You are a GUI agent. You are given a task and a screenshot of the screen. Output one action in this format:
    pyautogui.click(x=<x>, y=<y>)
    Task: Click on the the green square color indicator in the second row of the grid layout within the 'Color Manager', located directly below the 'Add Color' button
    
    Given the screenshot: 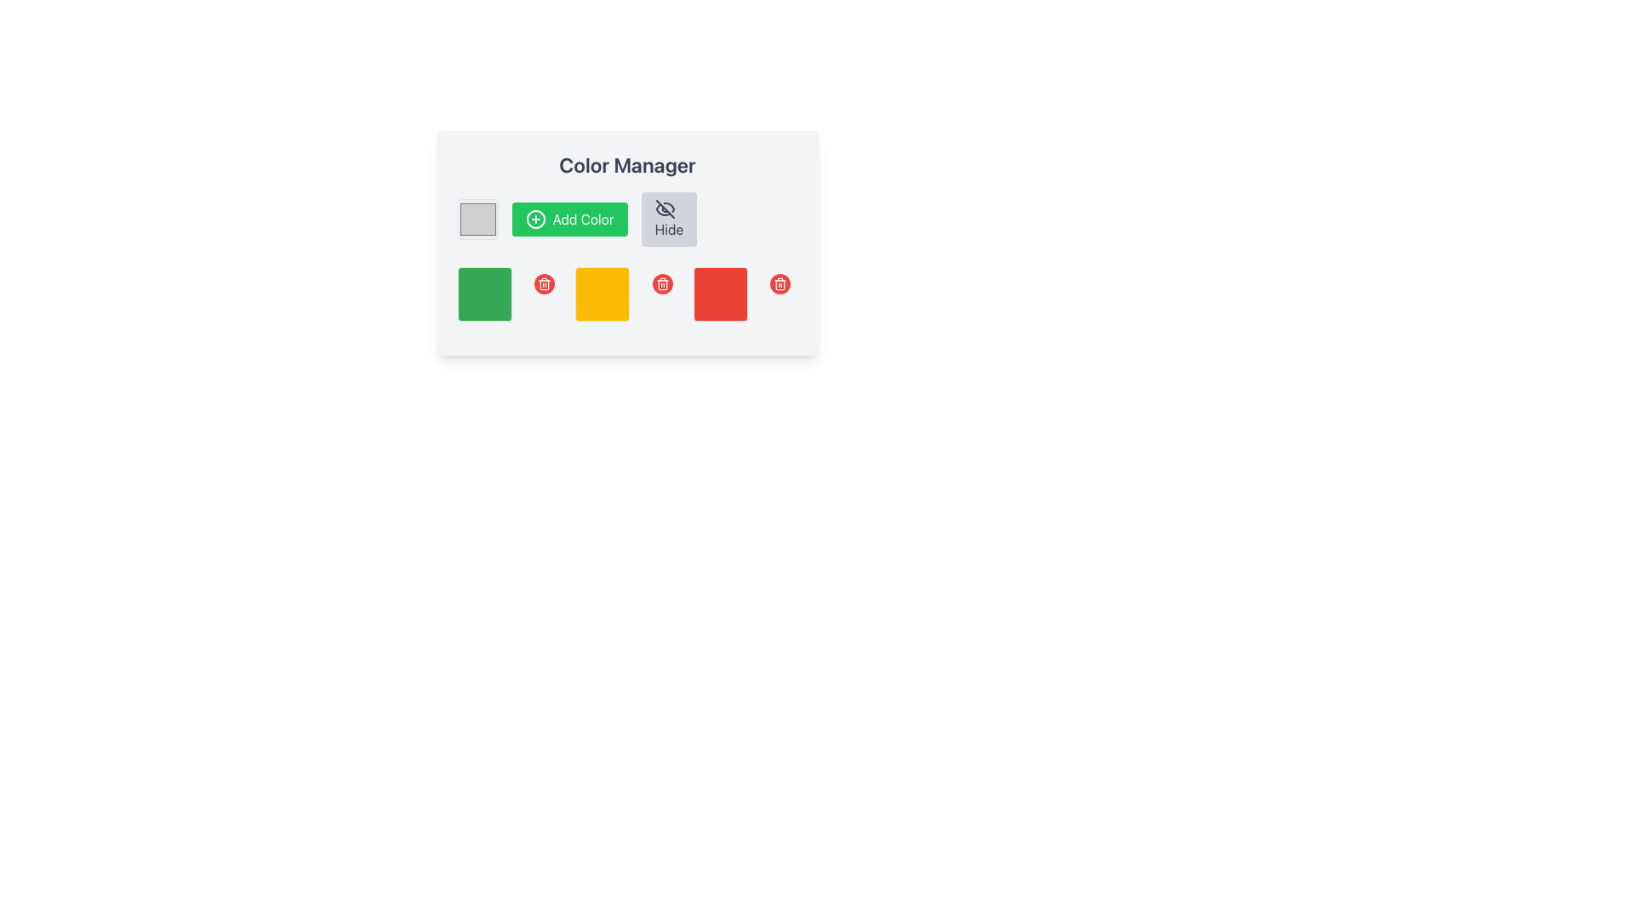 What is the action you would take?
    pyautogui.click(x=483, y=294)
    